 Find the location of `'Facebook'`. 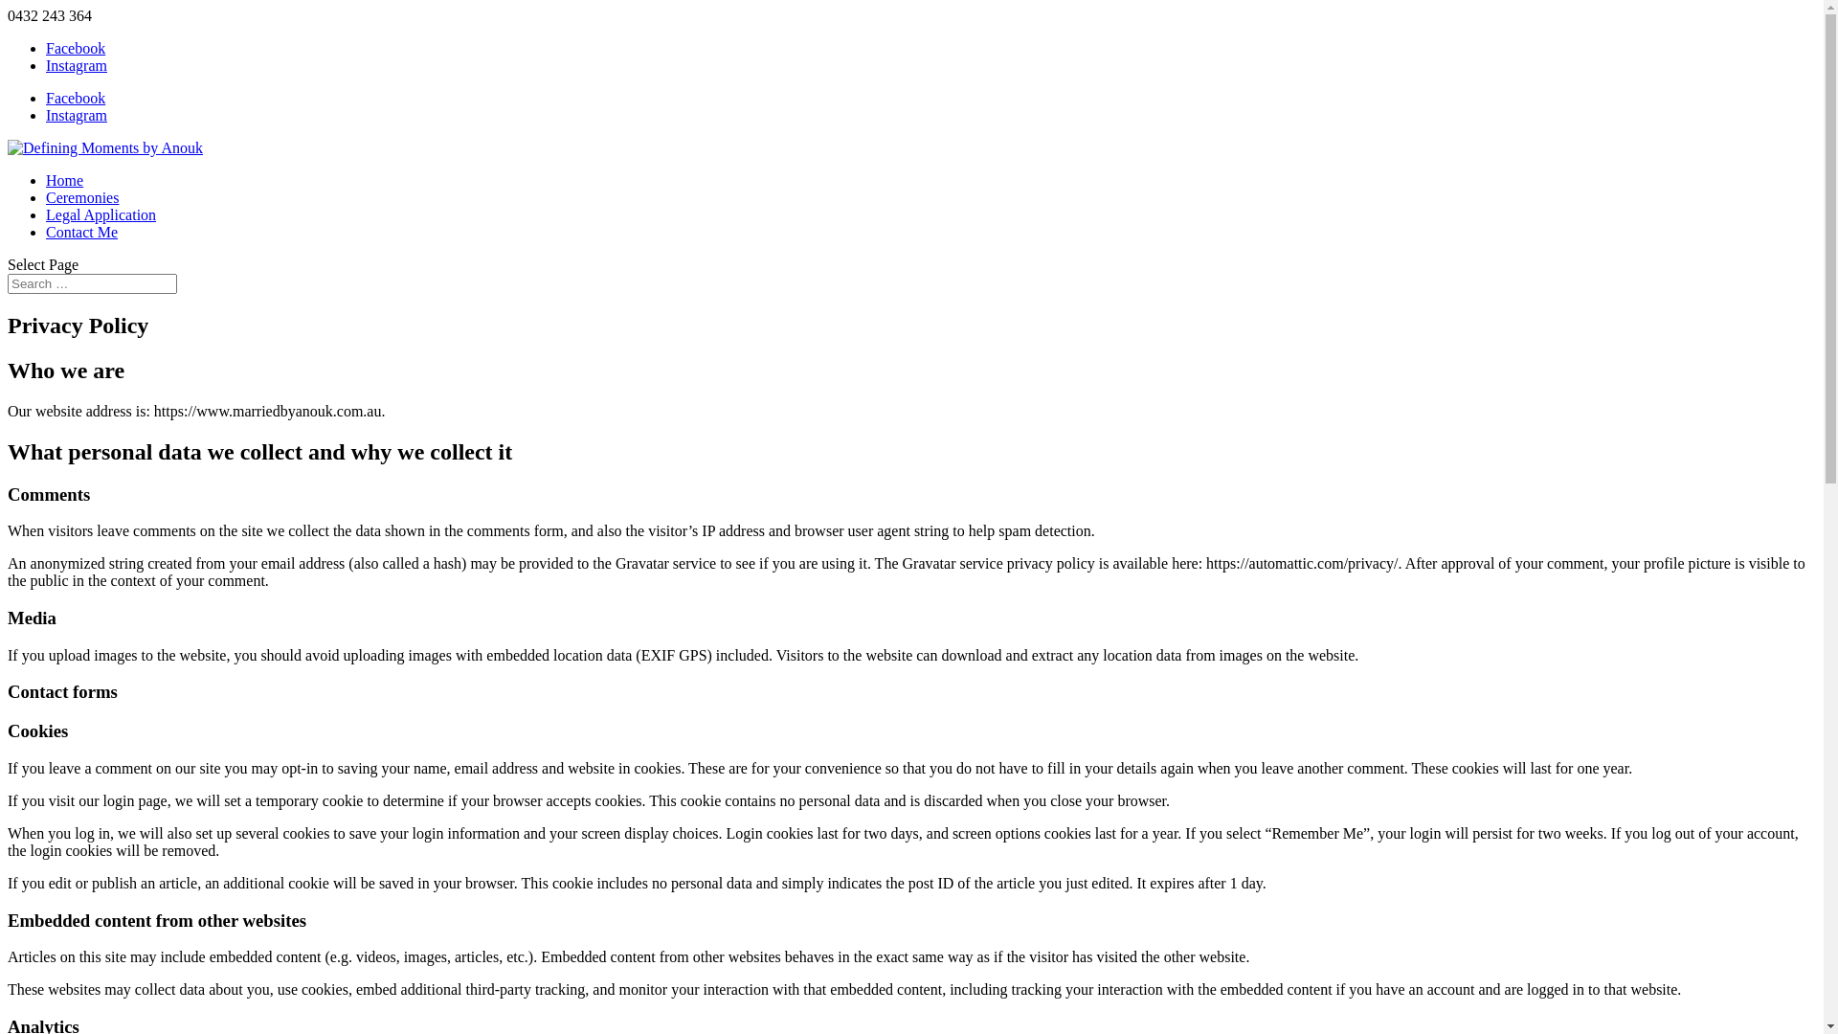

'Facebook' is located at coordinates (75, 47).